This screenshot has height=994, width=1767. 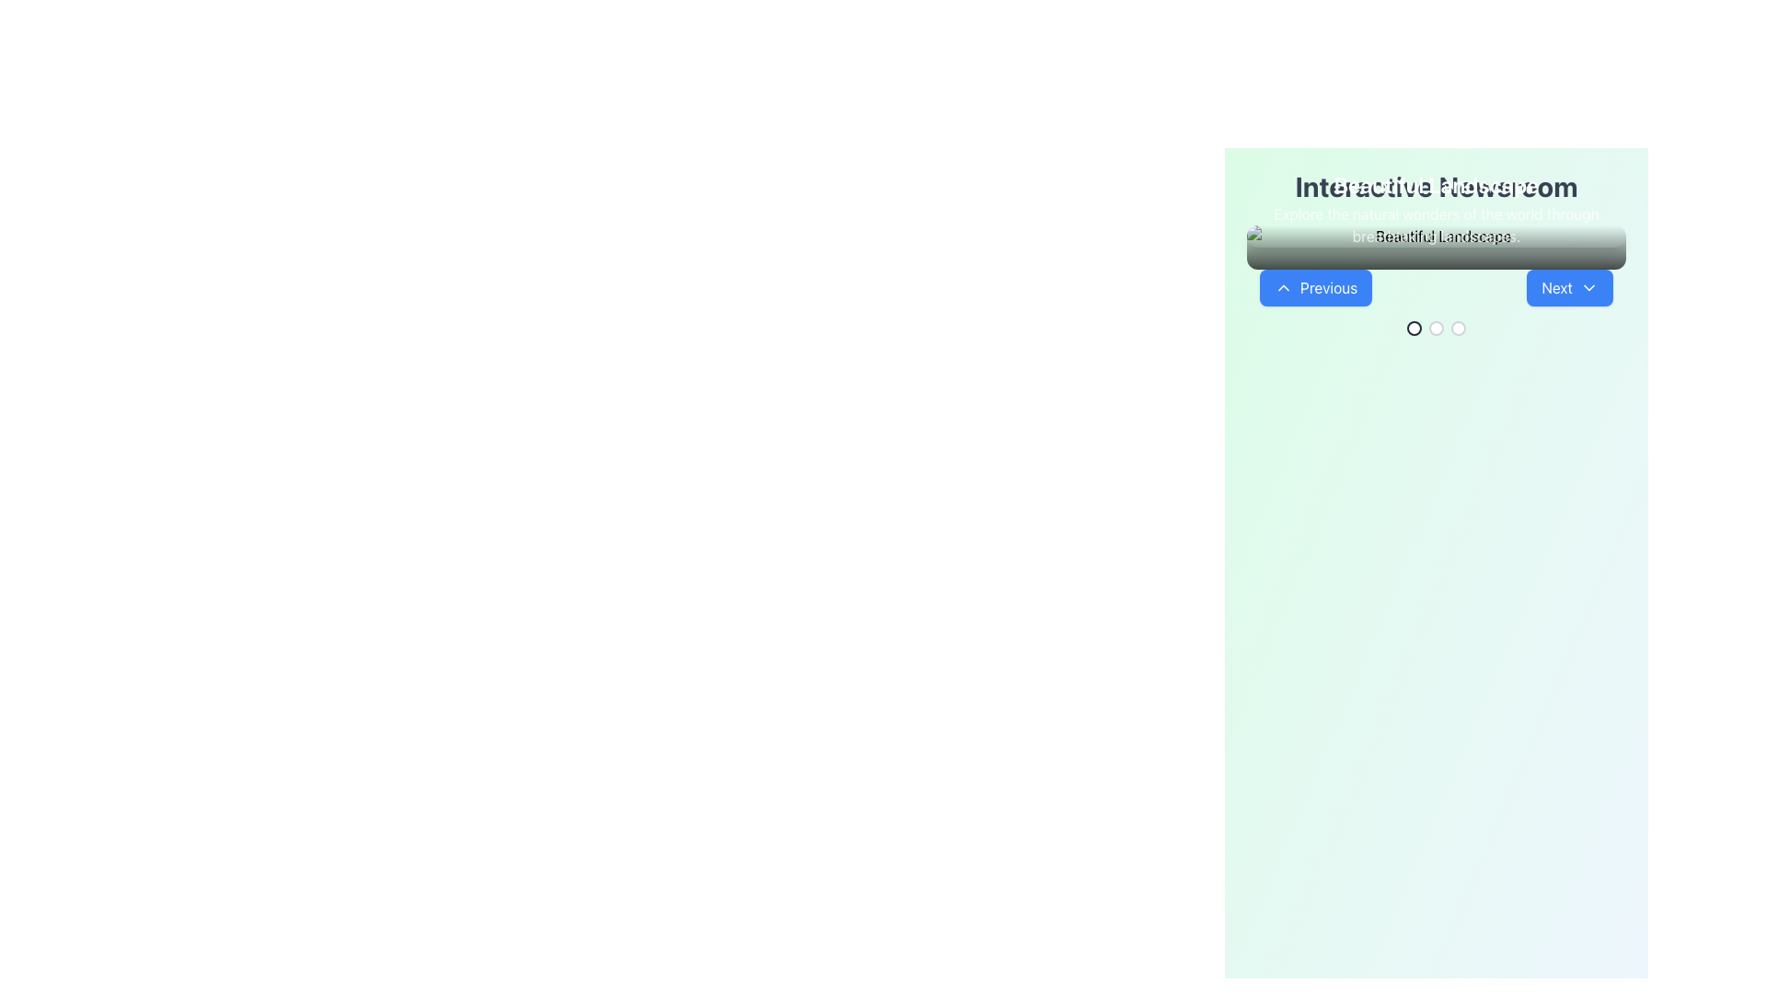 What do you see at coordinates (1283, 287) in the screenshot?
I see `the navigation icon located in the blue button labeled 'Previous'` at bounding box center [1283, 287].